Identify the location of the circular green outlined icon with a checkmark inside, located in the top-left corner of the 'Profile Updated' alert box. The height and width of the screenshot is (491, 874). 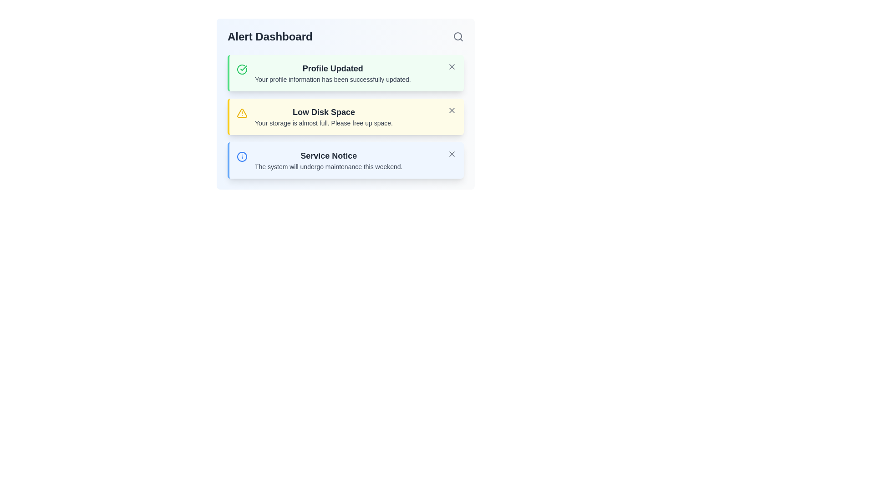
(242, 69).